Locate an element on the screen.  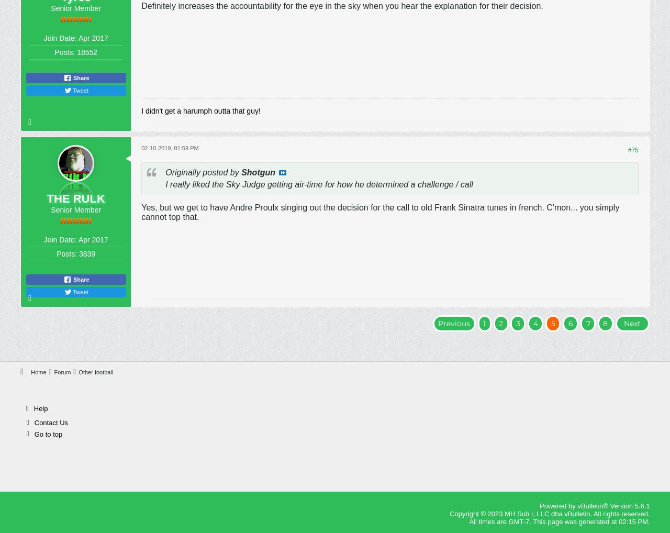
'All times are GMT-7. This page was generated at 02:15 PM.' is located at coordinates (559, 521).